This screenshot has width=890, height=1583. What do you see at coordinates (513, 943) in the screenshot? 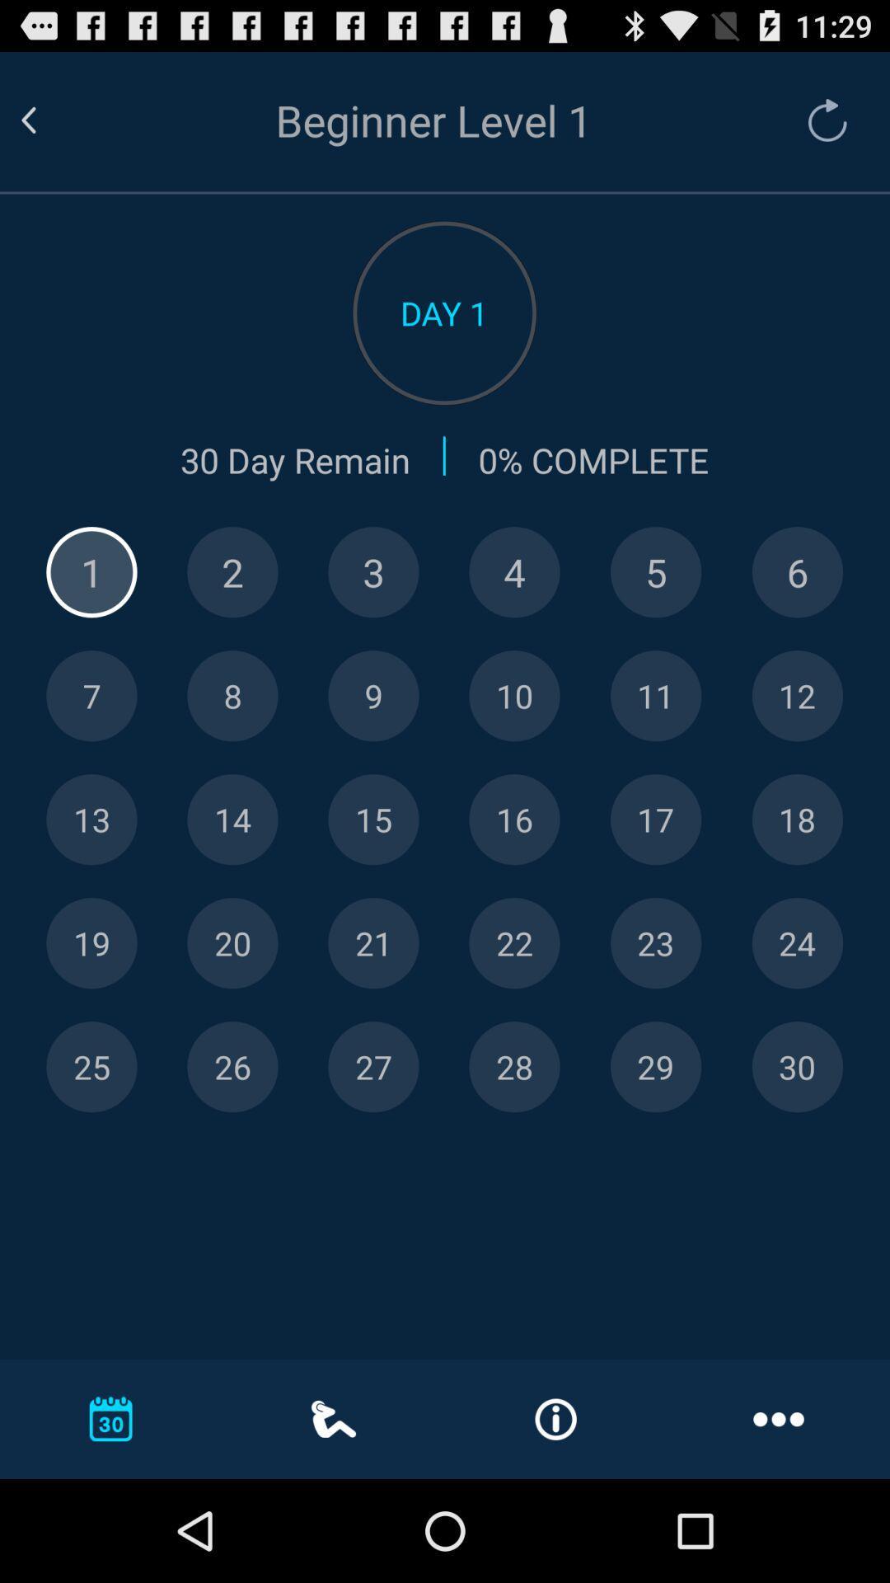
I see `day 22` at bounding box center [513, 943].